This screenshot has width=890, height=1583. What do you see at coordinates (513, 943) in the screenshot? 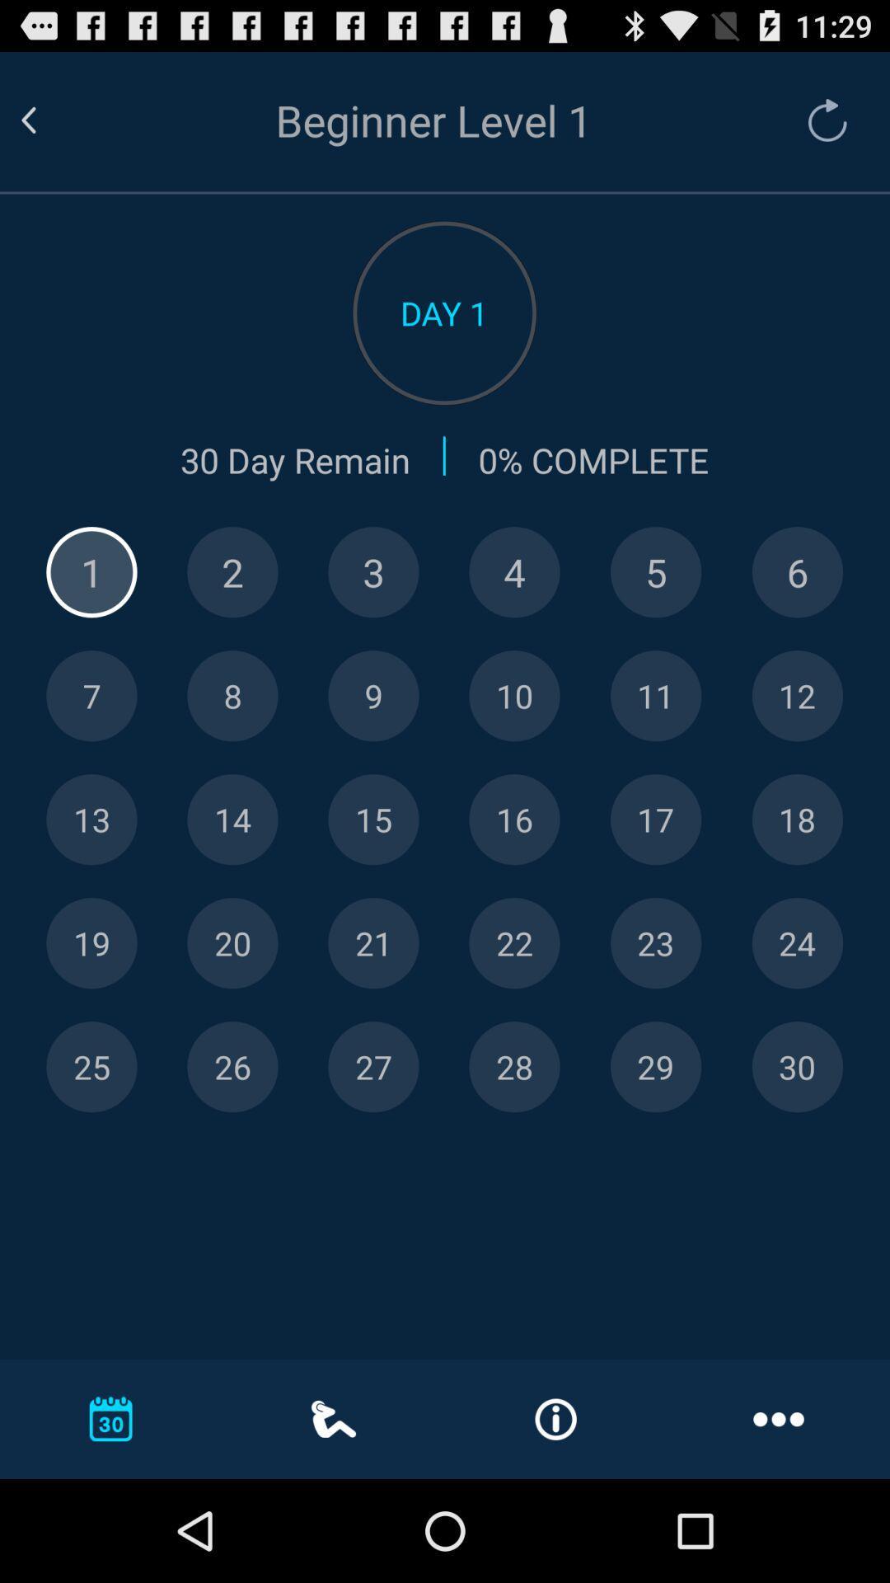
I see `day 22` at bounding box center [513, 943].